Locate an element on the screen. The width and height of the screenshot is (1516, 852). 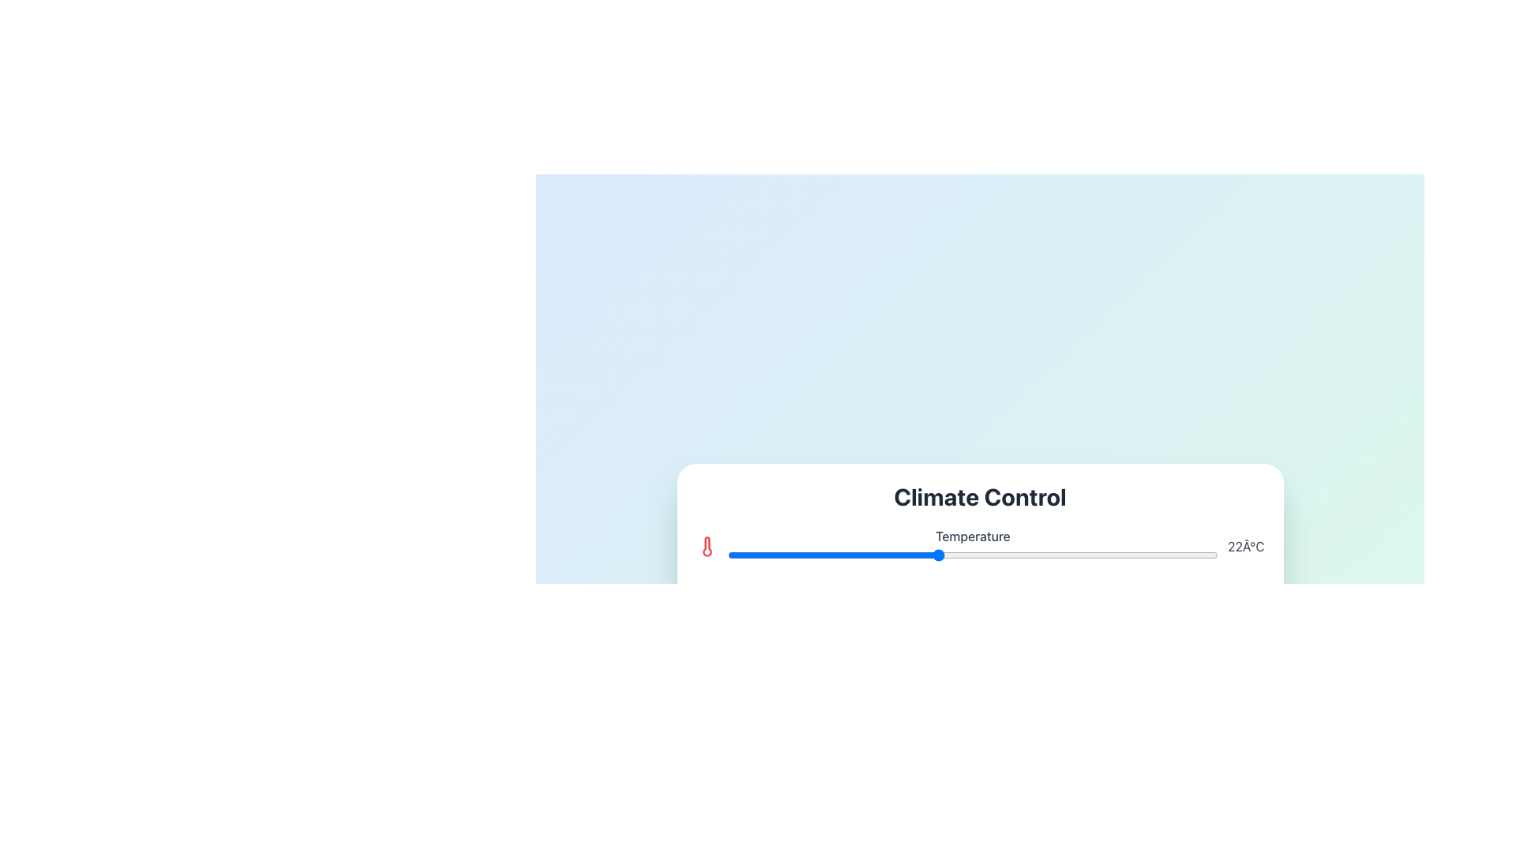
temperature is located at coordinates (1183, 555).